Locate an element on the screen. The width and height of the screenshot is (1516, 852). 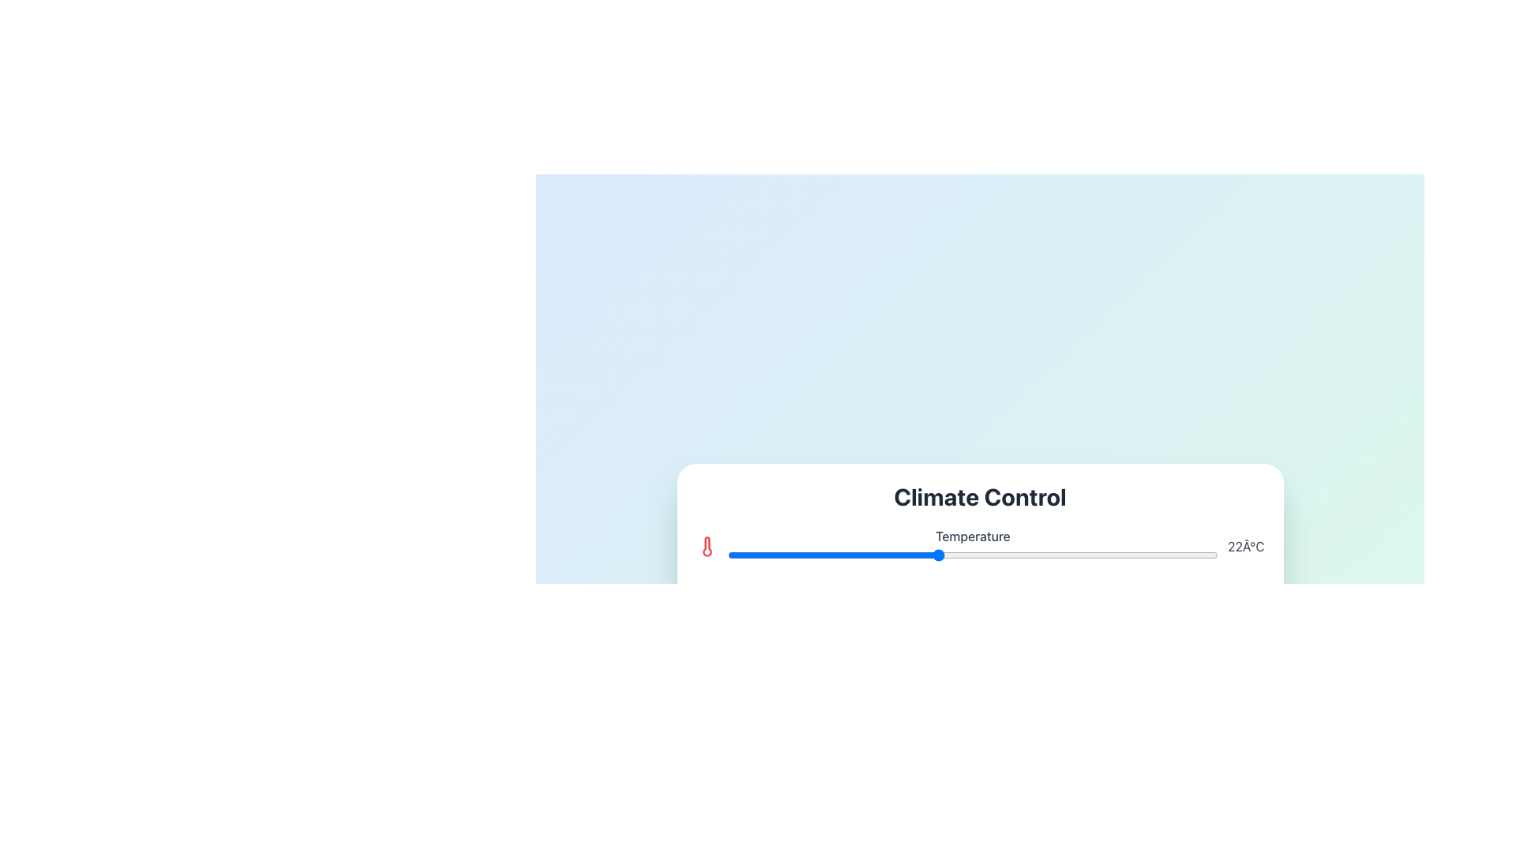
temperature is located at coordinates (1183, 555).